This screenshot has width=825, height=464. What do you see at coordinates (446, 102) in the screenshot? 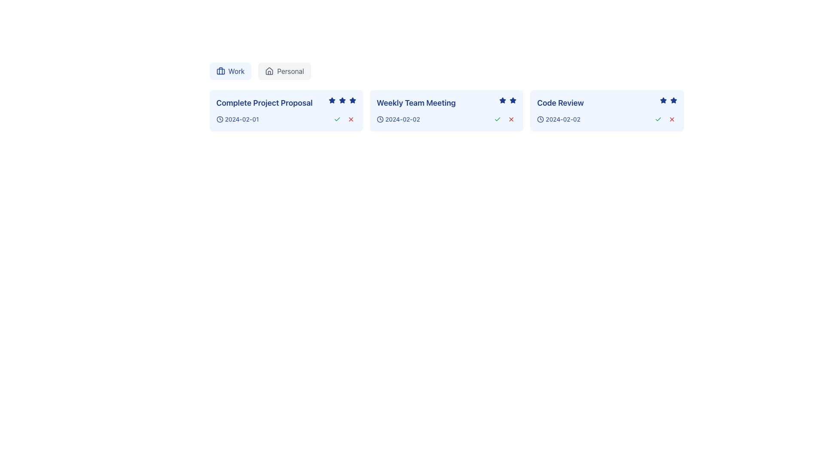
I see `the 'Weekly Team Meeting' text label to visualize interactivity with the associated stars` at bounding box center [446, 102].